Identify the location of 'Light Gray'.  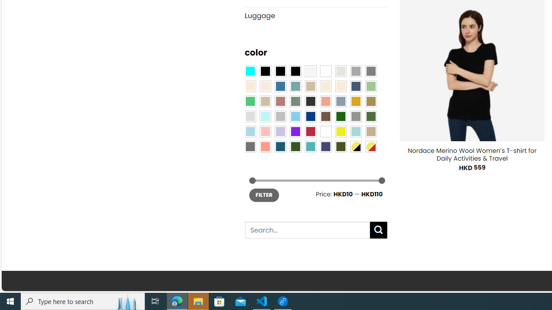
(249, 116).